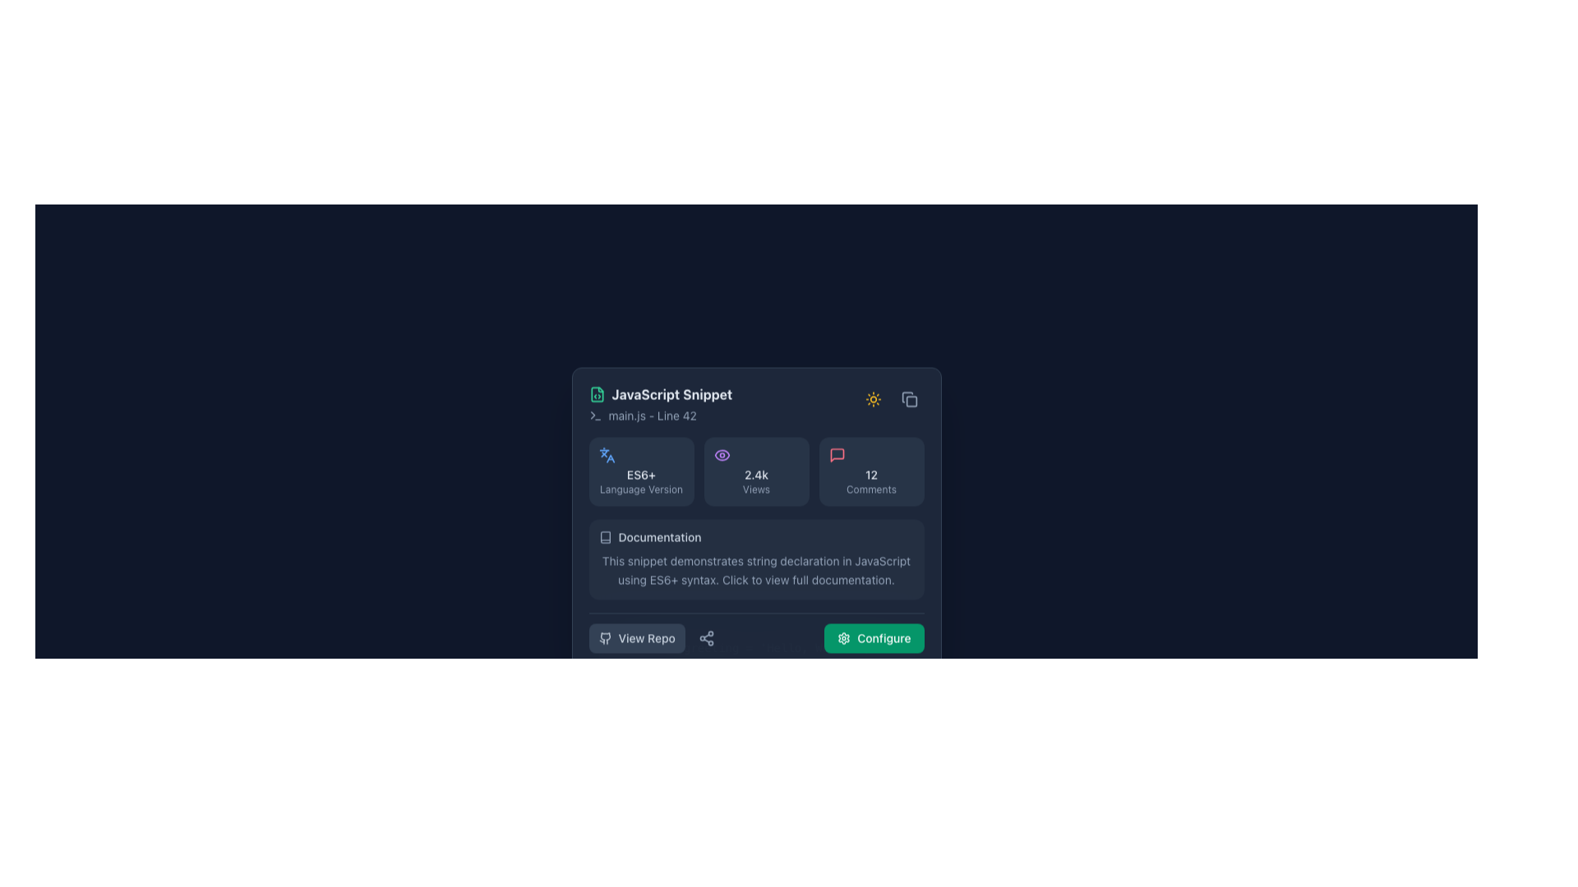 The height and width of the screenshot is (887, 1578). What do you see at coordinates (706, 637) in the screenshot?
I see `the share Icon Button, which is the second clickable item to the right of the 'View Repo' text button` at bounding box center [706, 637].